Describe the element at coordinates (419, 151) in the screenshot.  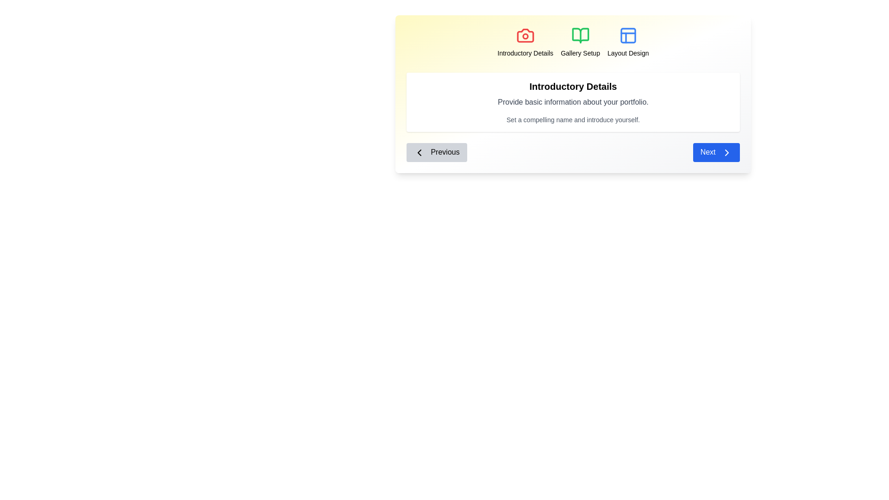
I see `the leftward-pointing chevron icon within the 'Previous' button located at the bottom left corner of the card interface` at that location.